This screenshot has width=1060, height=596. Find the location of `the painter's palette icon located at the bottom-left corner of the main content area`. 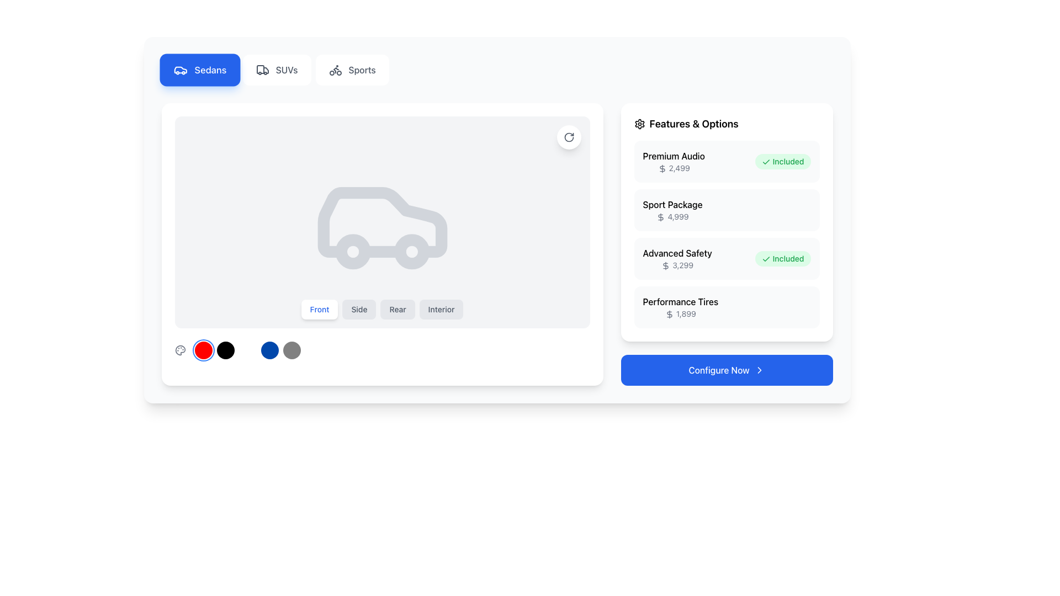

the painter's palette icon located at the bottom-left corner of the main content area is located at coordinates (180, 350).